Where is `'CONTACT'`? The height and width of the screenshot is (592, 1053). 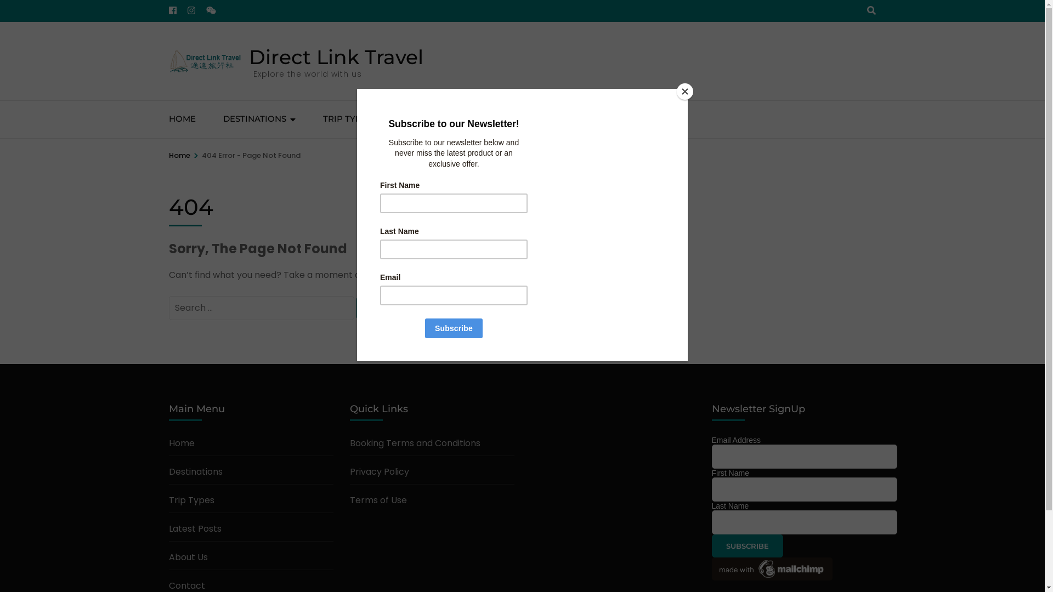 'CONTACT' is located at coordinates (584, 119).